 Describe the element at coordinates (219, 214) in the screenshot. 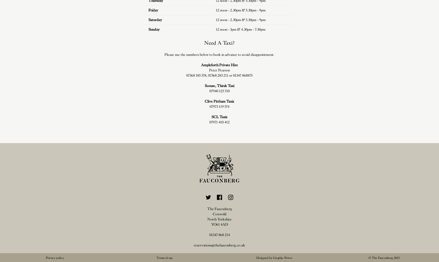

I see `'Coxwold'` at that location.